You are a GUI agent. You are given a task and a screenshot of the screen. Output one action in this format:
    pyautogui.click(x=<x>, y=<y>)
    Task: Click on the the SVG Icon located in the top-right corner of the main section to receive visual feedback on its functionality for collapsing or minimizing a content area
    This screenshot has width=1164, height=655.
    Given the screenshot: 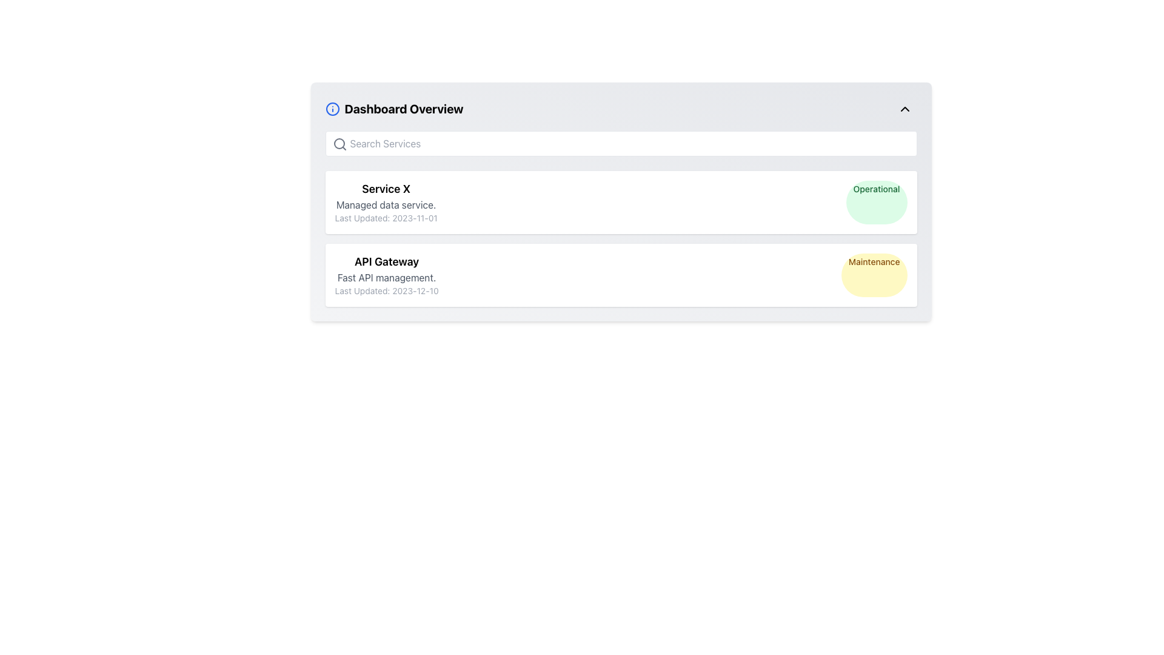 What is the action you would take?
    pyautogui.click(x=905, y=109)
    